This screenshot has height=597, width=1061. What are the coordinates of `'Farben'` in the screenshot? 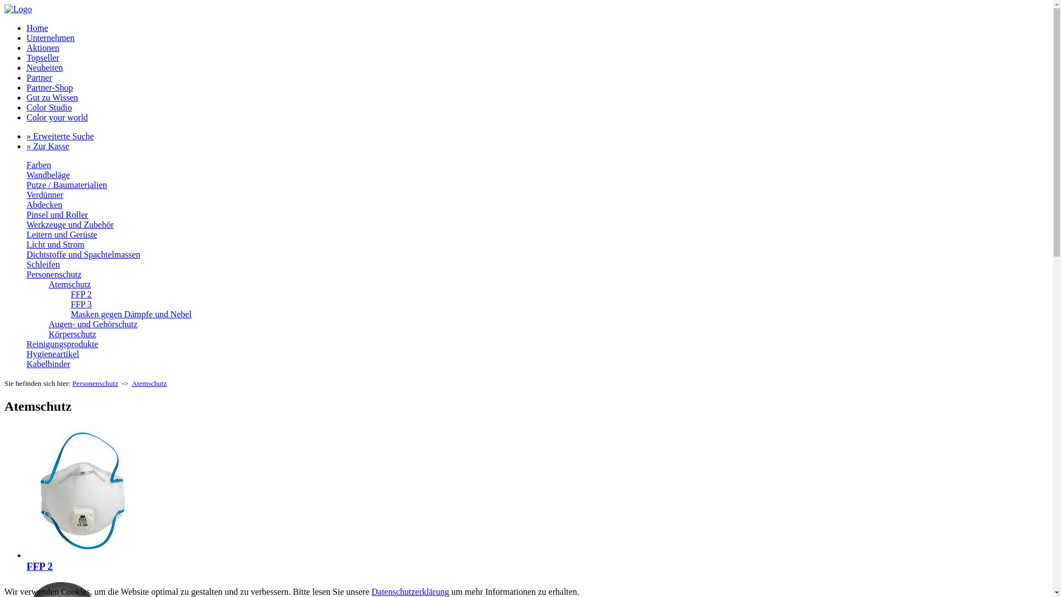 It's located at (39, 165).